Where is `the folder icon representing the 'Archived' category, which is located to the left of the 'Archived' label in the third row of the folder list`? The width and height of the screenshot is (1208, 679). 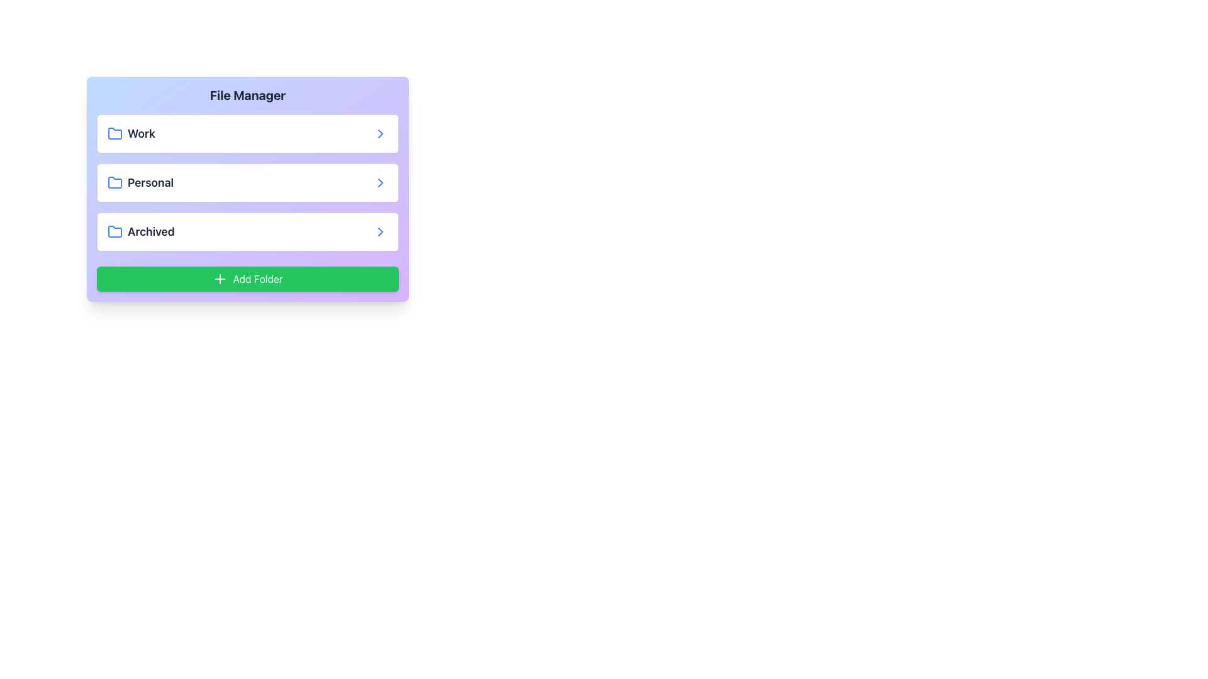
the folder icon representing the 'Archived' category, which is located to the left of the 'Archived' label in the third row of the folder list is located at coordinates (115, 232).